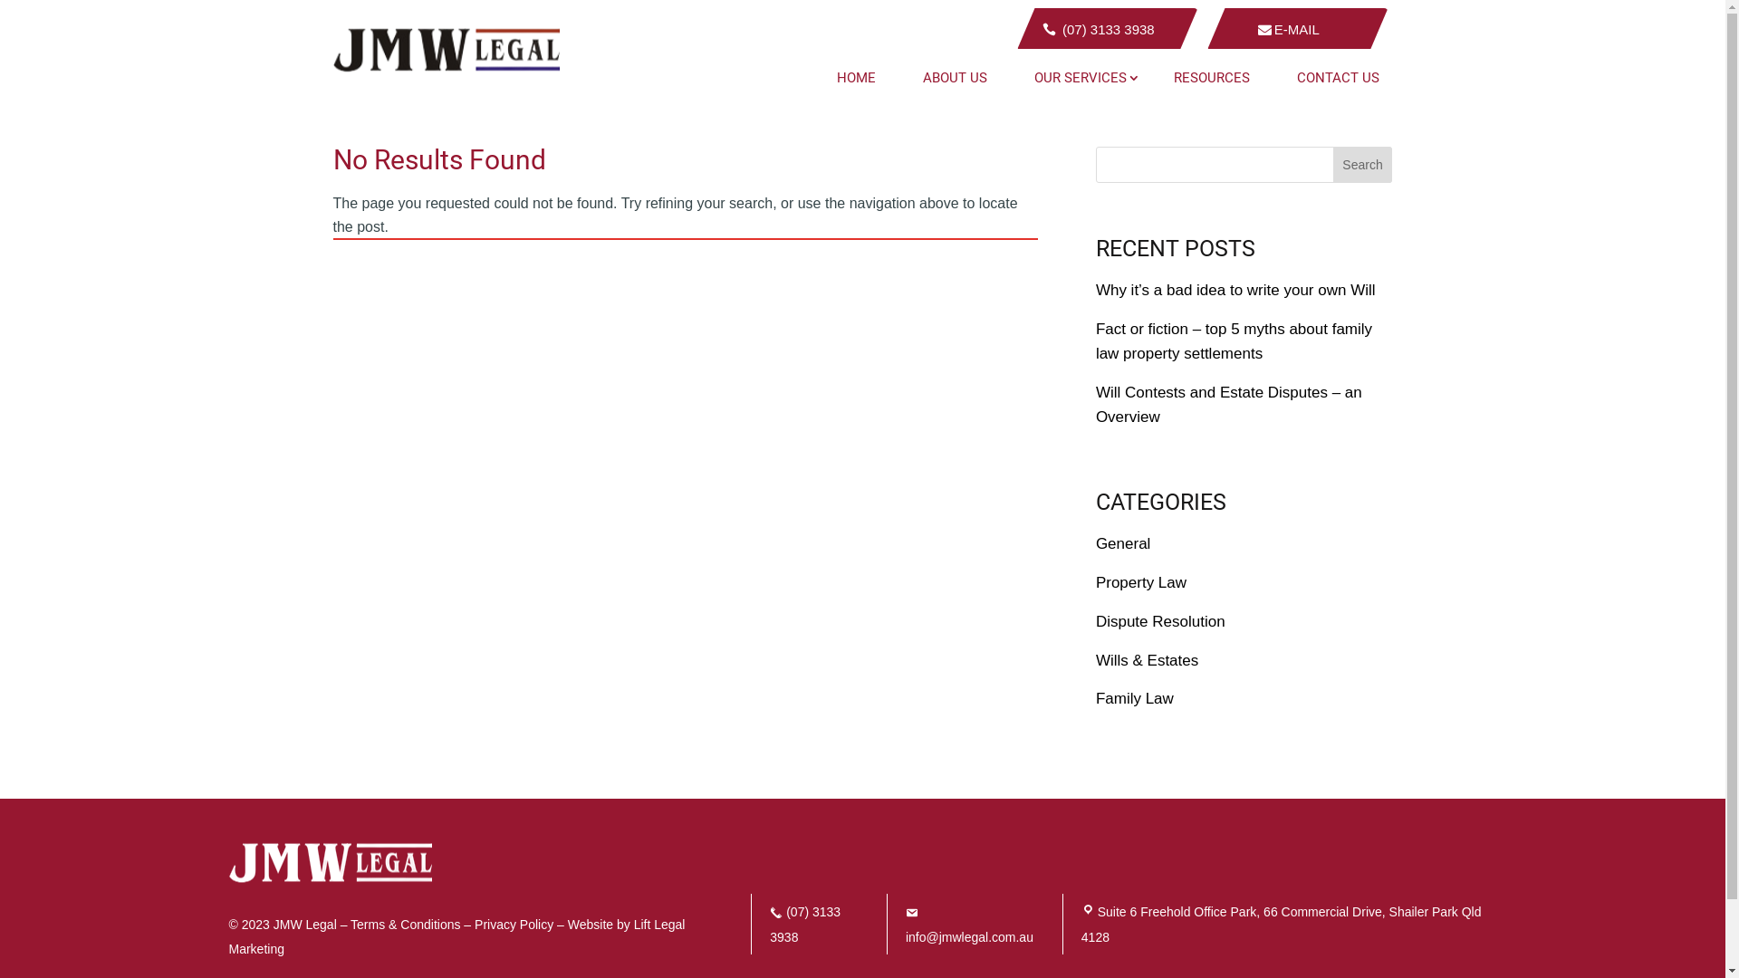 The width and height of the screenshot is (1739, 978). What do you see at coordinates (1206, 29) in the screenshot?
I see `'E-MAIL'` at bounding box center [1206, 29].